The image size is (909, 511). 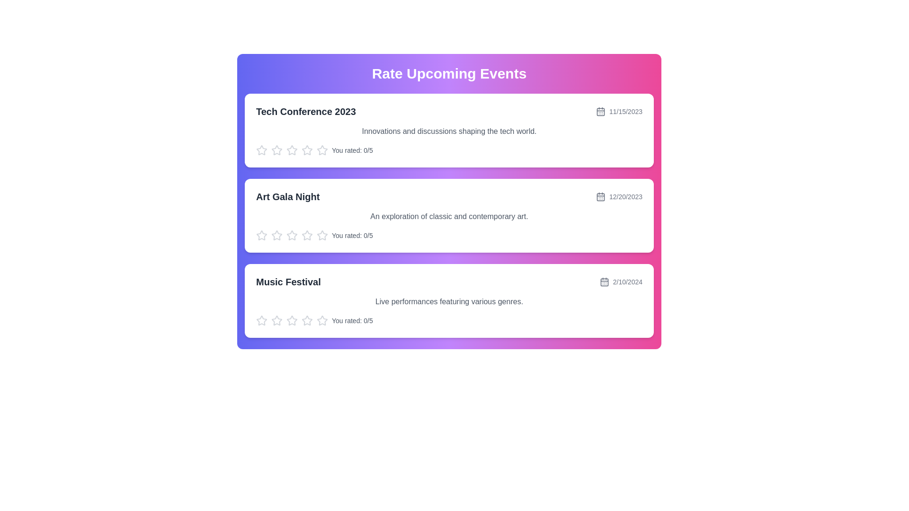 What do you see at coordinates (276, 235) in the screenshot?
I see `the third star icon in the rating system under the 'Art Gala Night' event card` at bounding box center [276, 235].